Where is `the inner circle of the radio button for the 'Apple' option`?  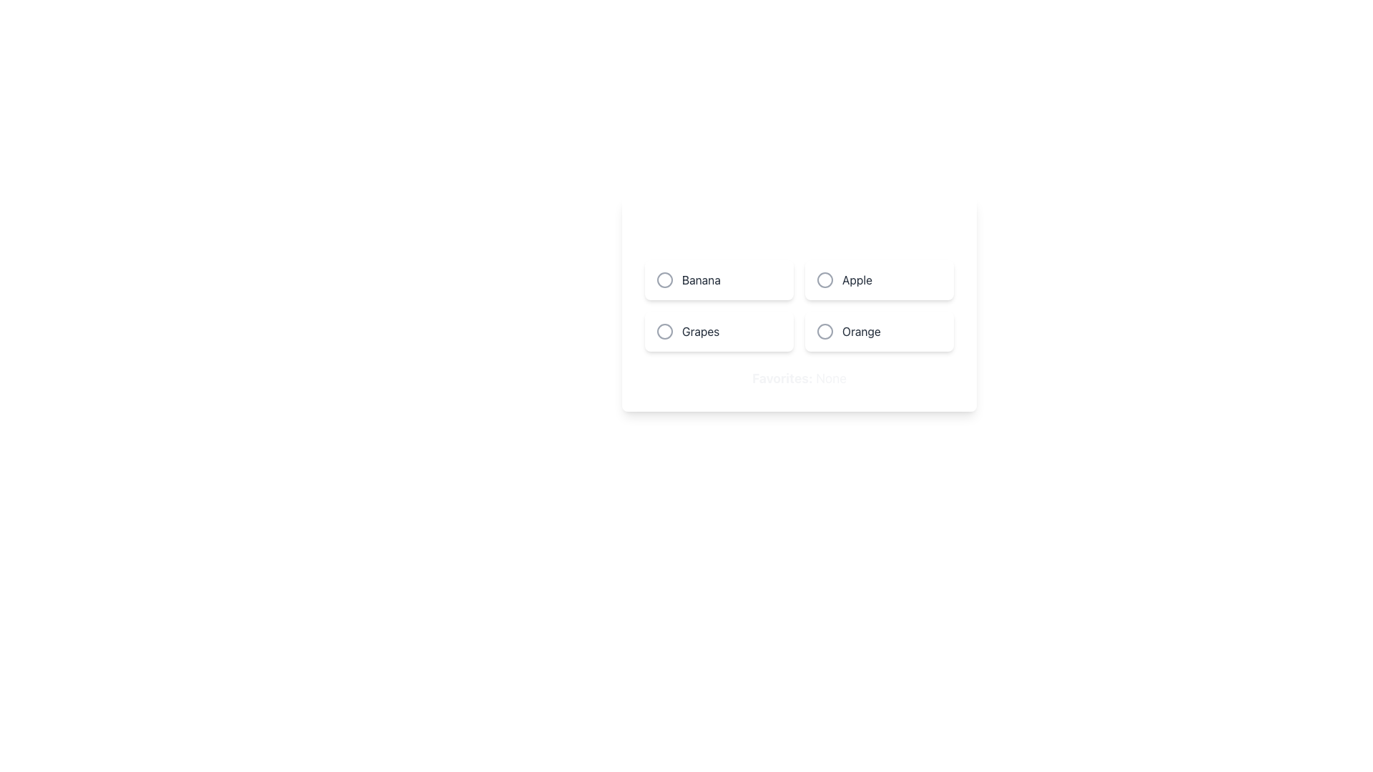
the inner circle of the radio button for the 'Apple' option is located at coordinates (825, 280).